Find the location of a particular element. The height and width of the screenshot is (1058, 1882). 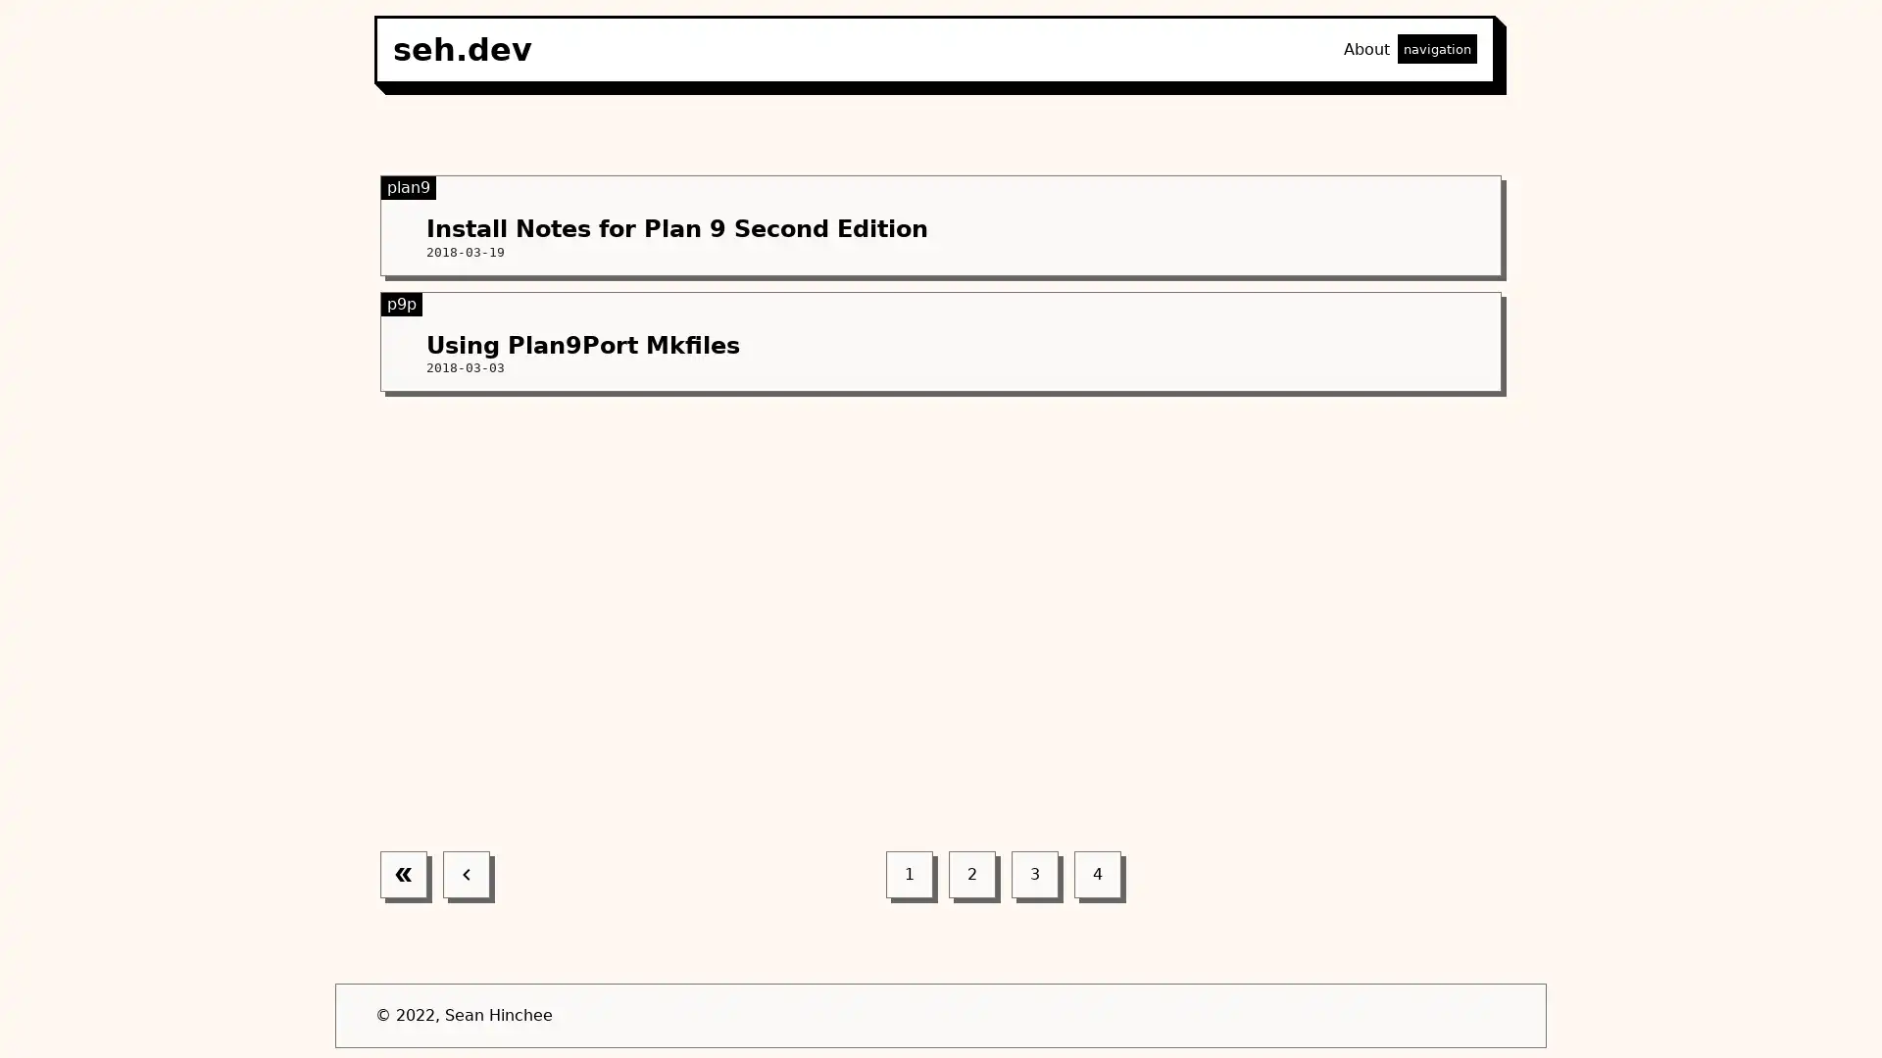

navigation is located at coordinates (1437, 48).